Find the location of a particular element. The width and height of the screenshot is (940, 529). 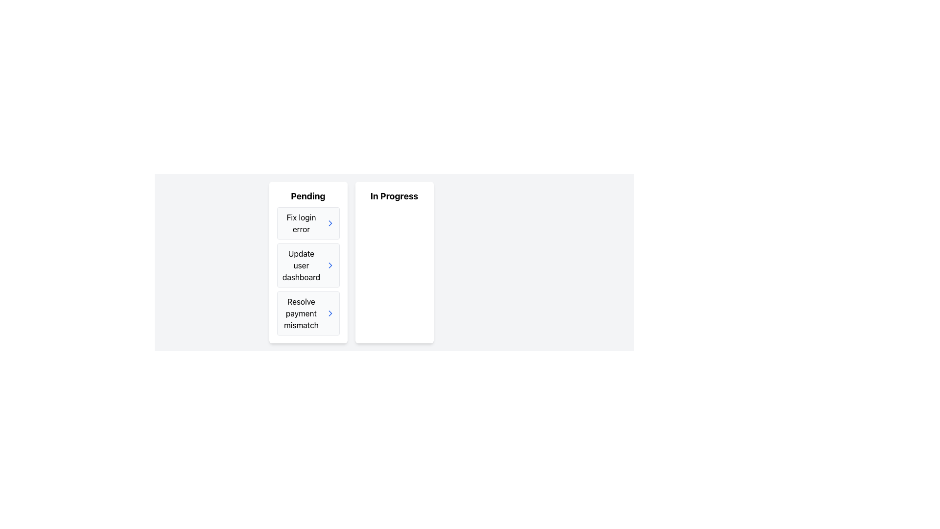

the 'Fix login error' button located is located at coordinates (307, 223).